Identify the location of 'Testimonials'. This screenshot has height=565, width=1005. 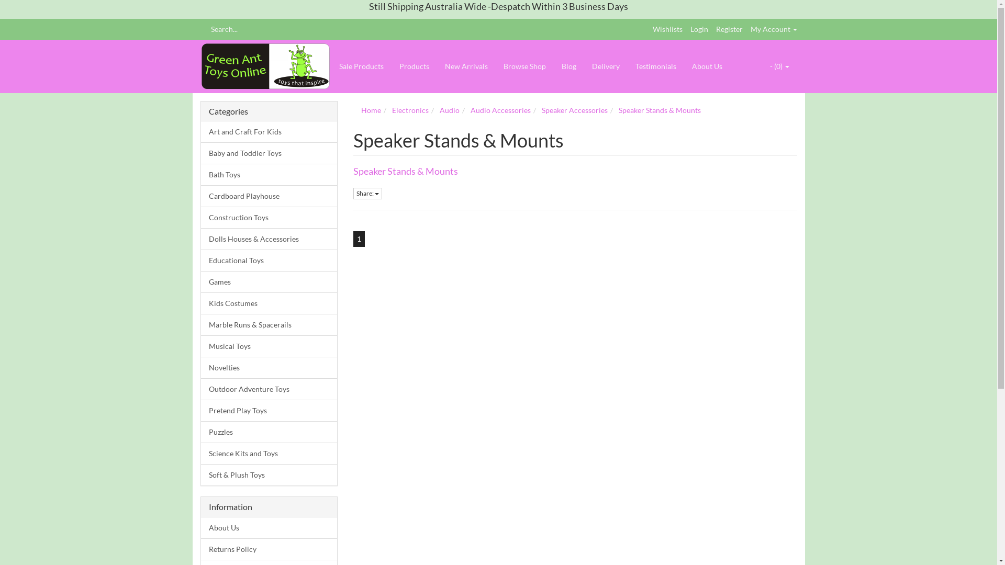
(627, 66).